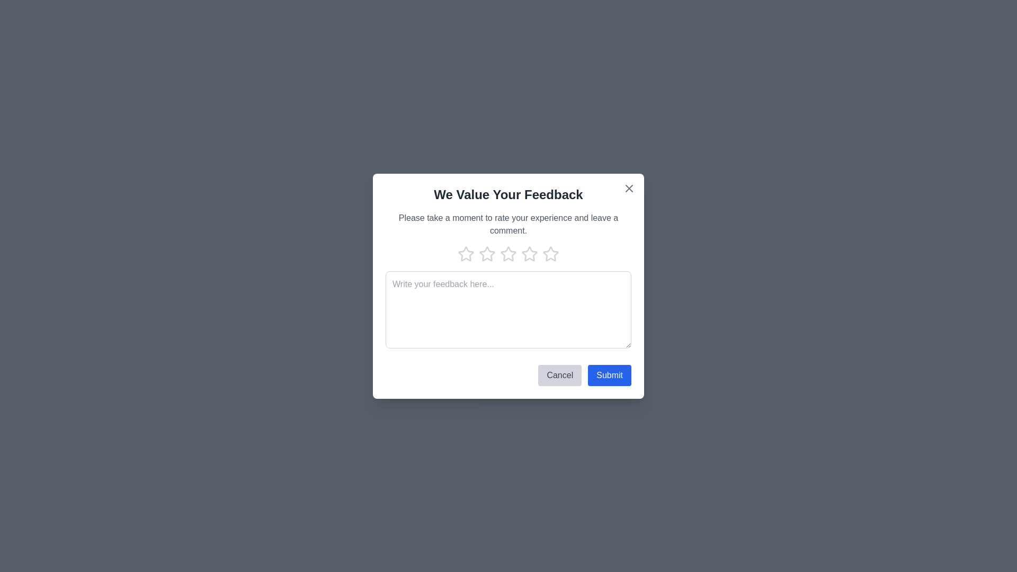 The width and height of the screenshot is (1017, 572). What do you see at coordinates (610, 374) in the screenshot?
I see `the 'Submit' button located at the bottom-right corner of the modal dialog box to finalize the form submission` at bounding box center [610, 374].